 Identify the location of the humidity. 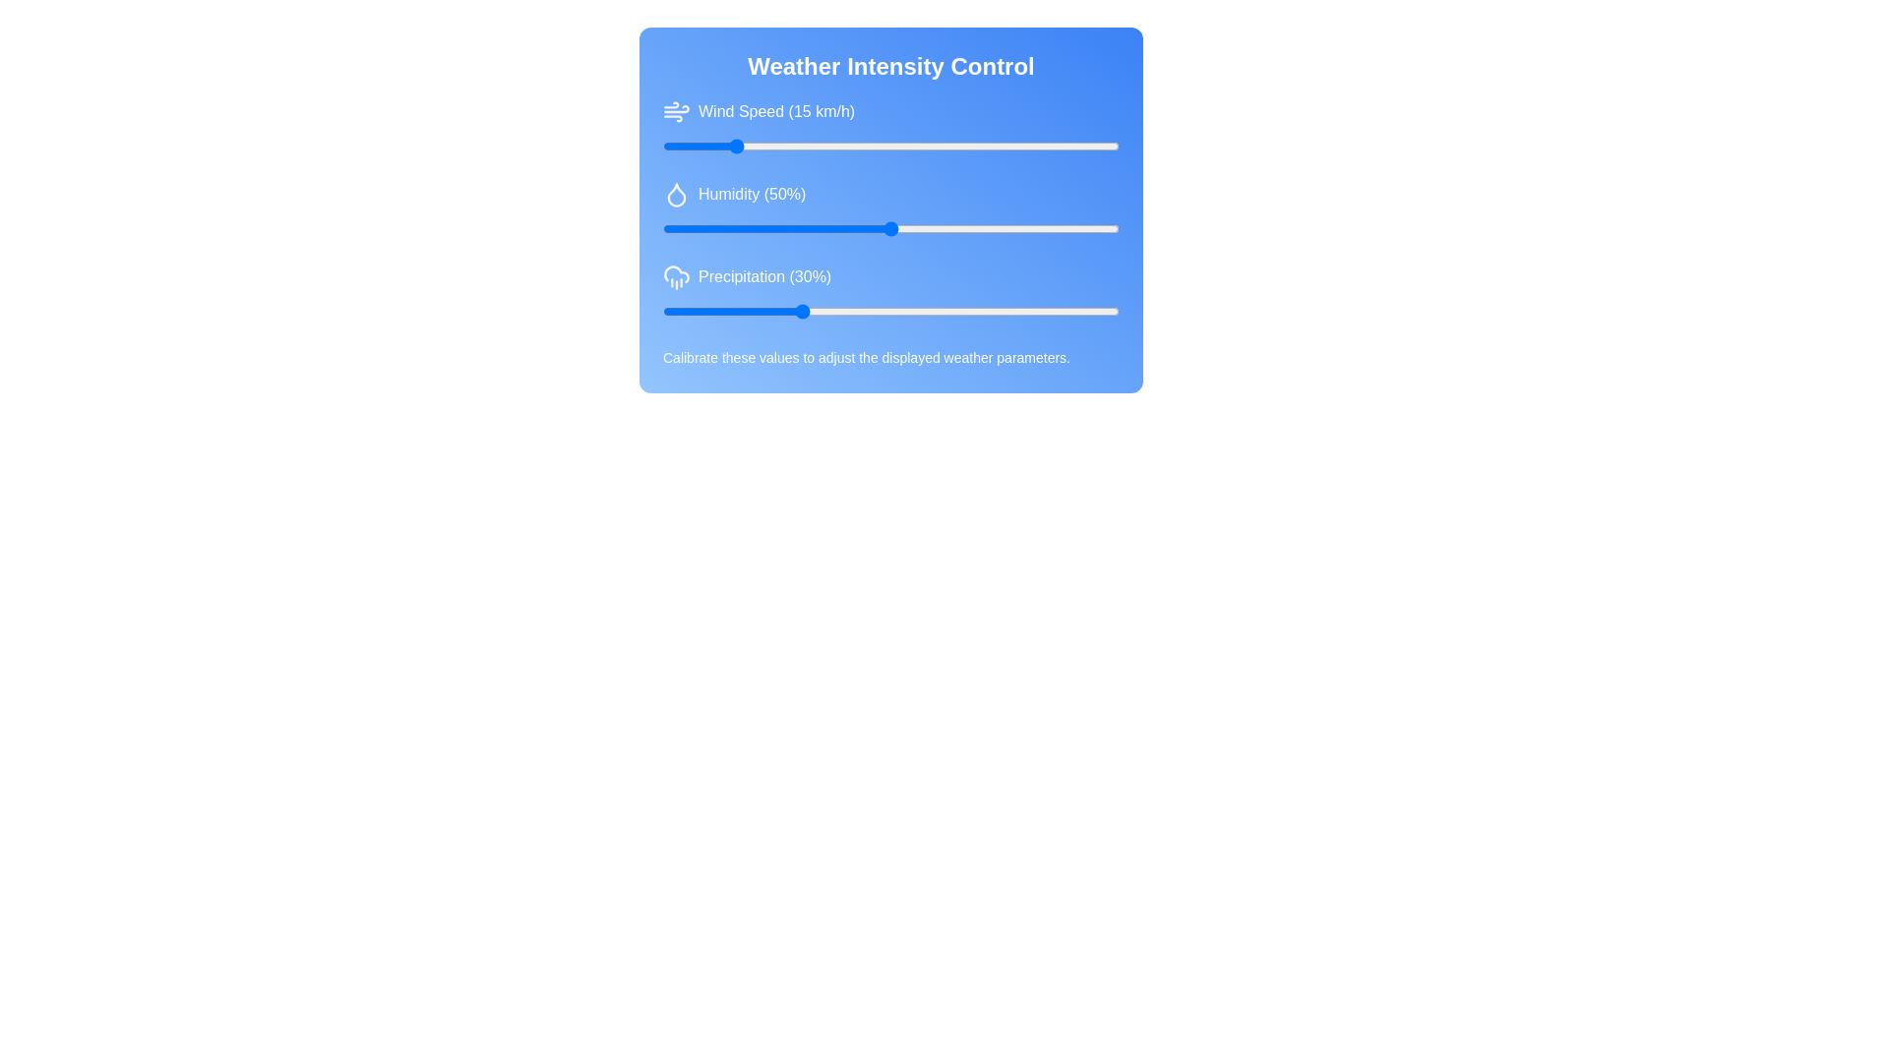
(790, 227).